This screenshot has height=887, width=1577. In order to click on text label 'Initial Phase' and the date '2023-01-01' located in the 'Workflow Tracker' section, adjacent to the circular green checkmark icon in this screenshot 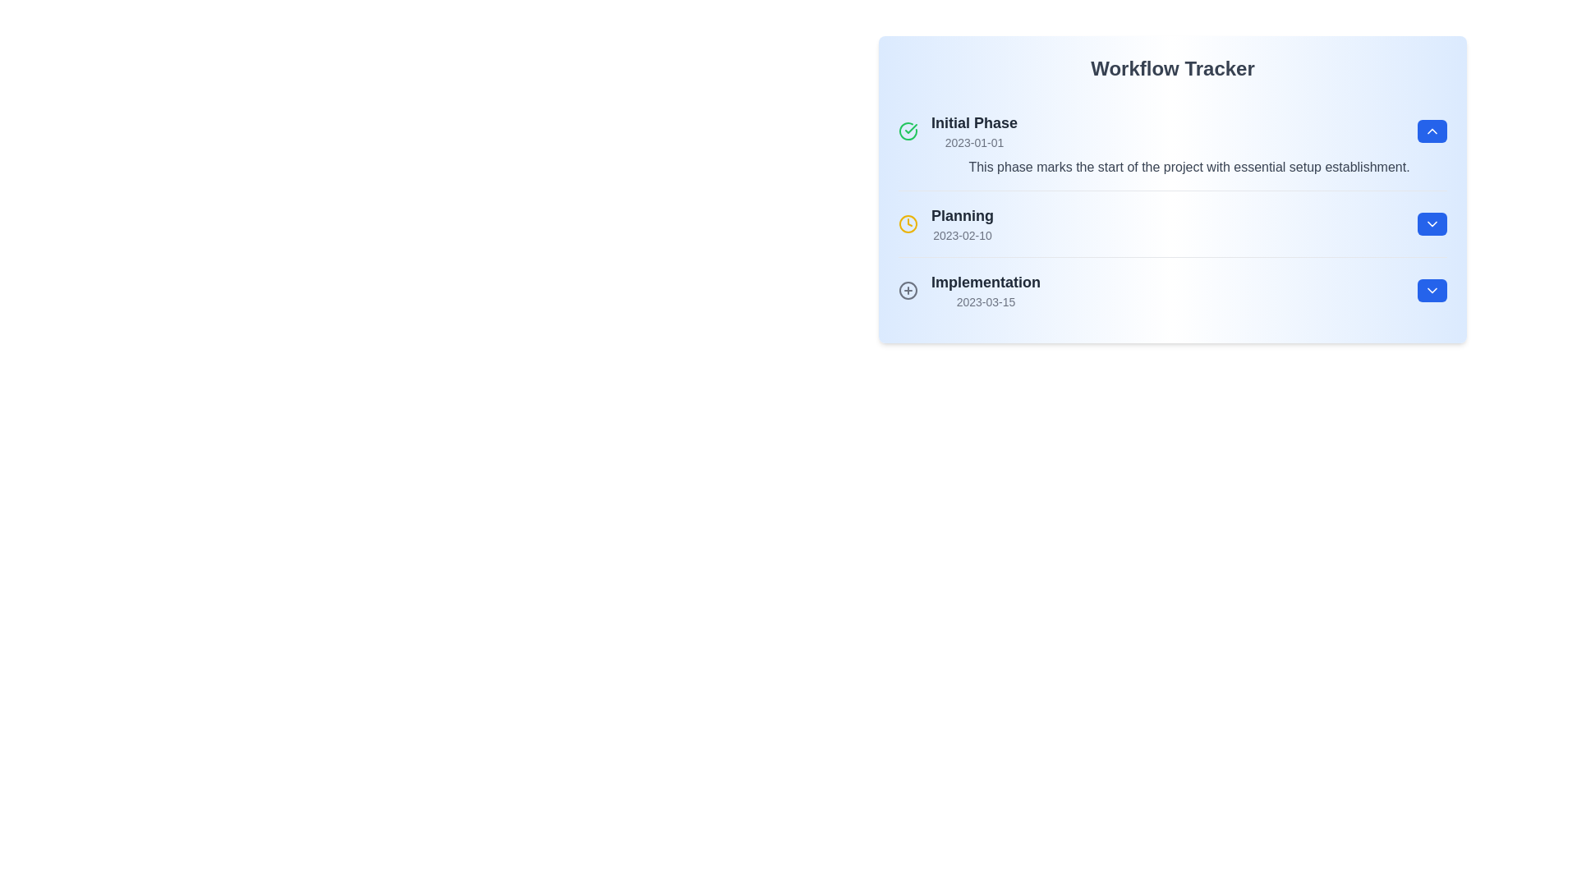, I will do `click(974, 130)`.